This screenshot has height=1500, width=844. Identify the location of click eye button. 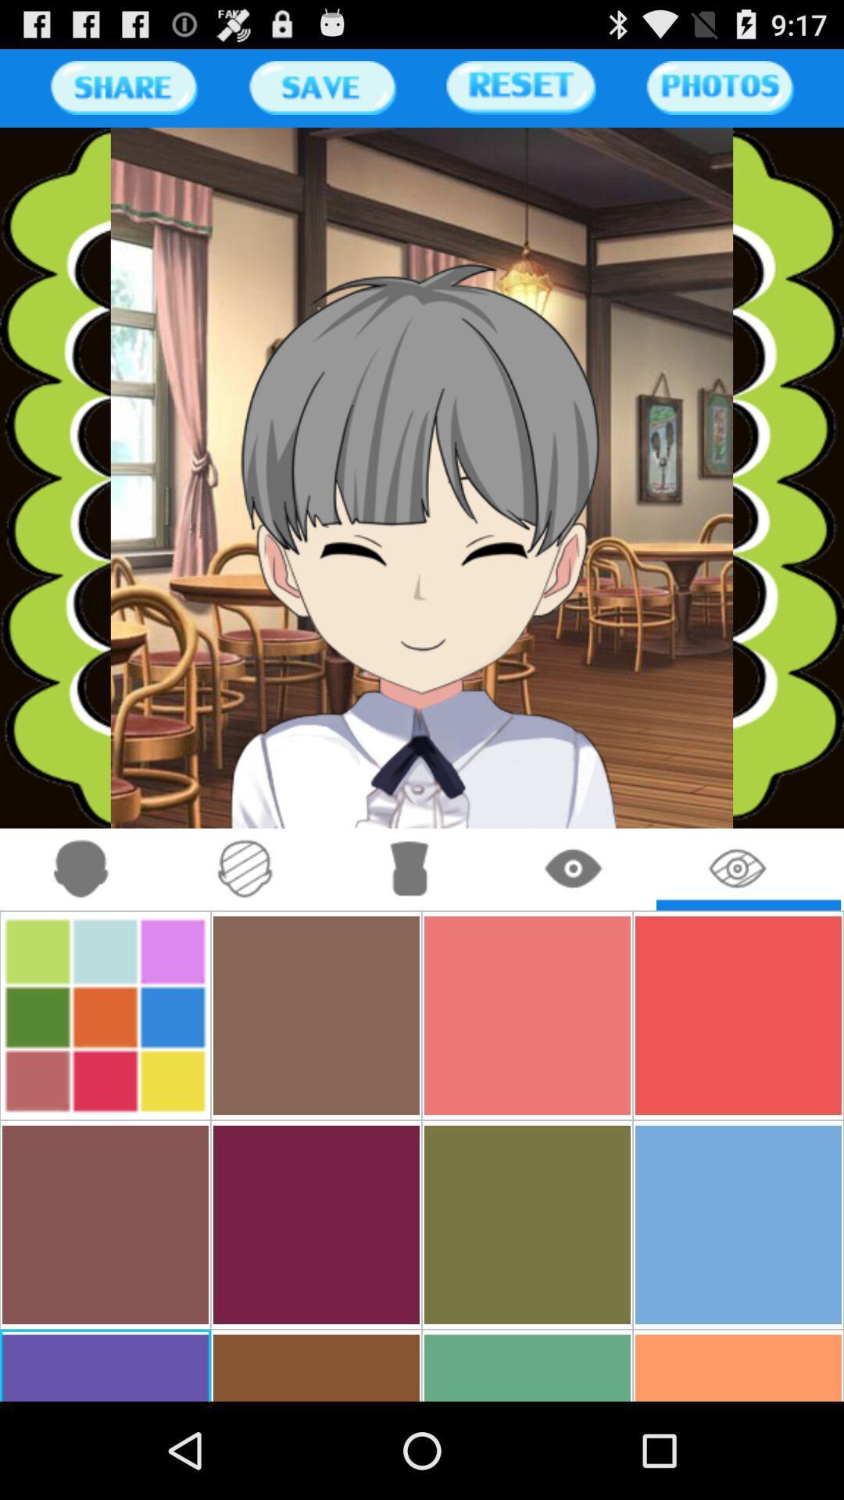
(574, 869).